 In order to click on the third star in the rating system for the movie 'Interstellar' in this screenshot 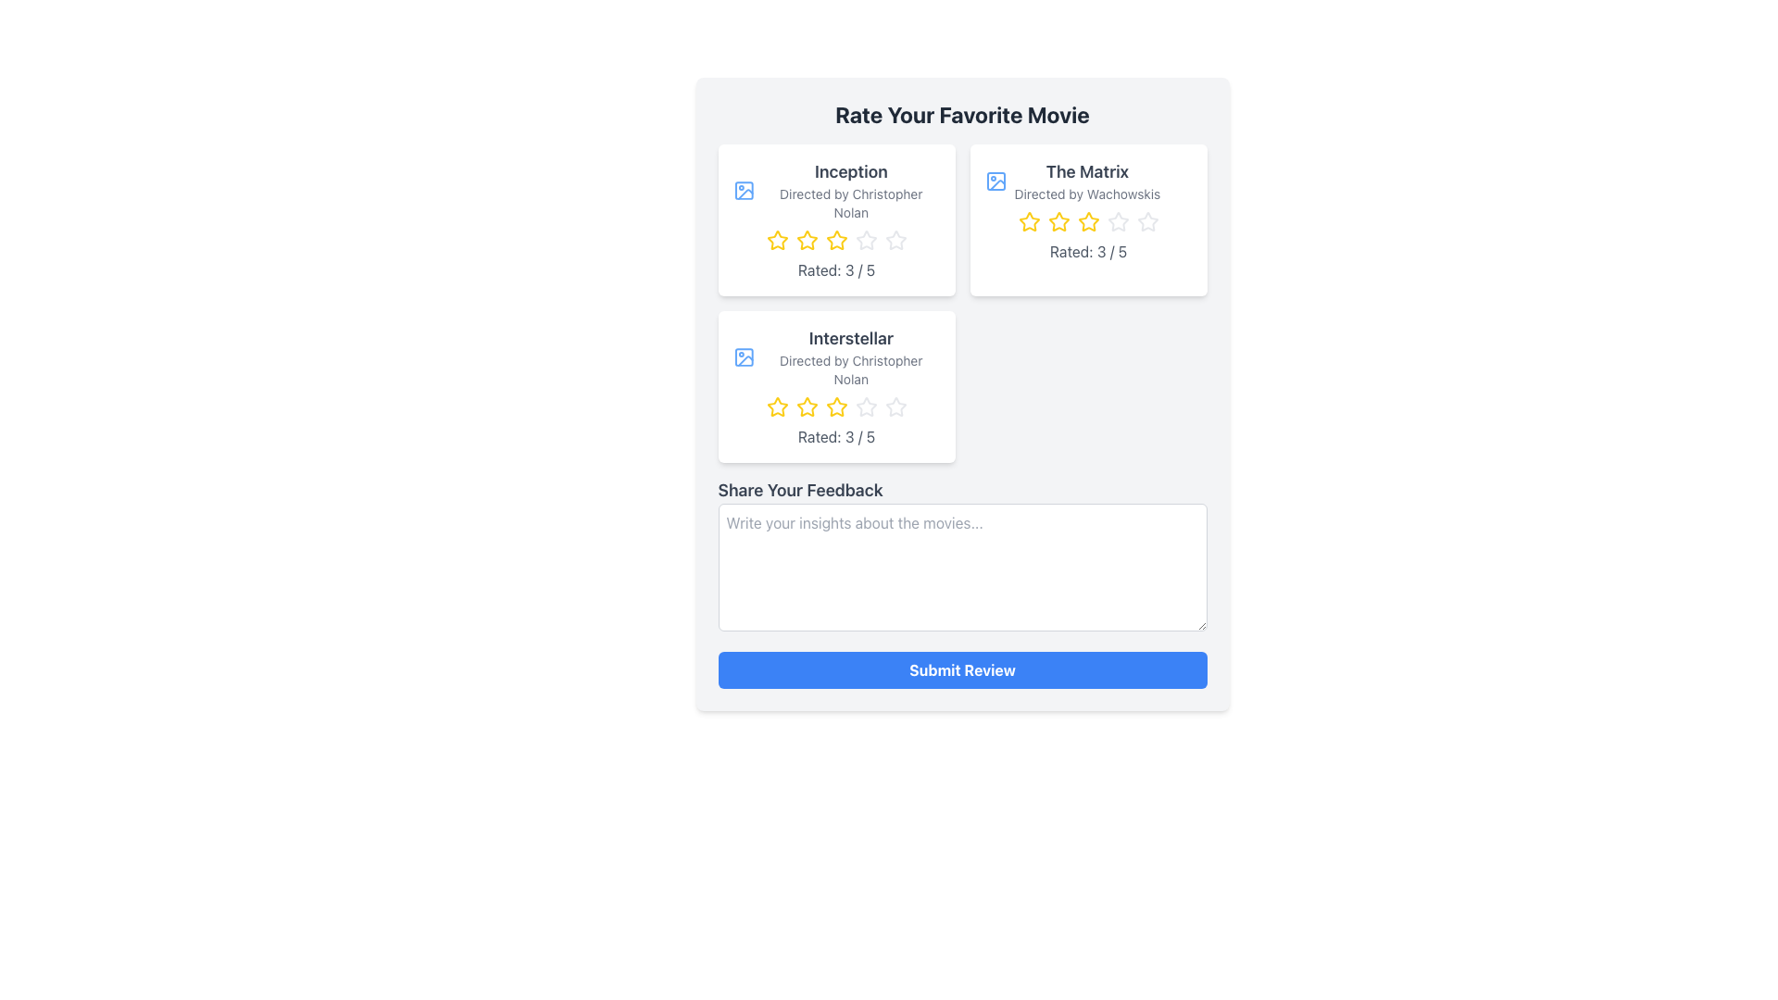, I will do `click(807, 406)`.